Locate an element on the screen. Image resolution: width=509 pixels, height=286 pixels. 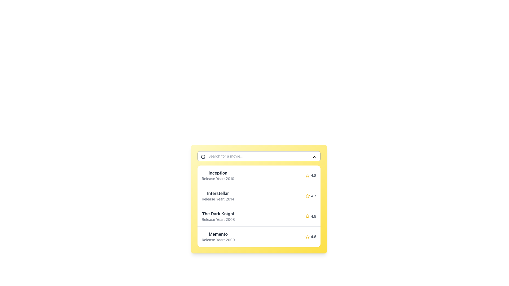
text block displaying the title and release year of the movie located beneath 'The Dark Knight Release Year: 2008' and above the rating star and number '4.6' is located at coordinates (218, 236).